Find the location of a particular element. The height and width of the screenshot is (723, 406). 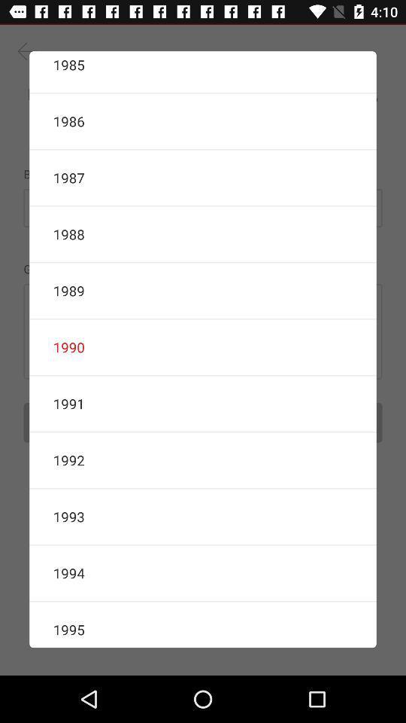

the icon above the 1991 is located at coordinates (203, 347).